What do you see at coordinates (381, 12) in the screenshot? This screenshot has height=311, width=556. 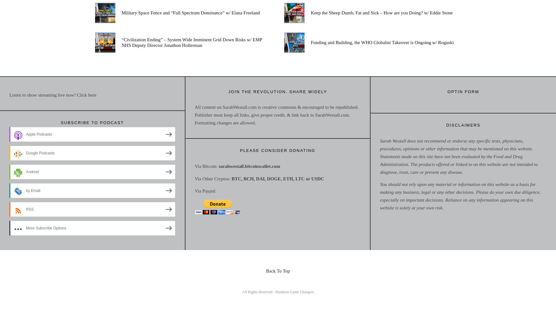 I see `'Keep the Sheep Dumb, Fat and Sick – How are you Doing? w/ Eddie Stone'` at bounding box center [381, 12].